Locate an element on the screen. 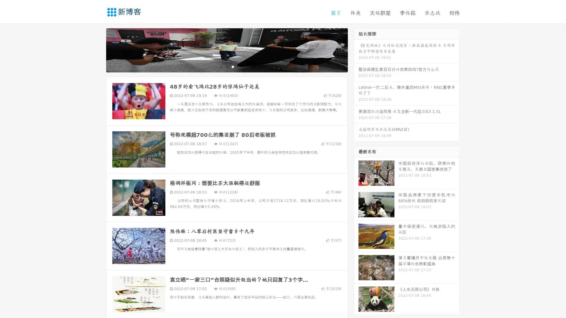 This screenshot has height=318, width=566. Go to slide 1 is located at coordinates (221, 66).